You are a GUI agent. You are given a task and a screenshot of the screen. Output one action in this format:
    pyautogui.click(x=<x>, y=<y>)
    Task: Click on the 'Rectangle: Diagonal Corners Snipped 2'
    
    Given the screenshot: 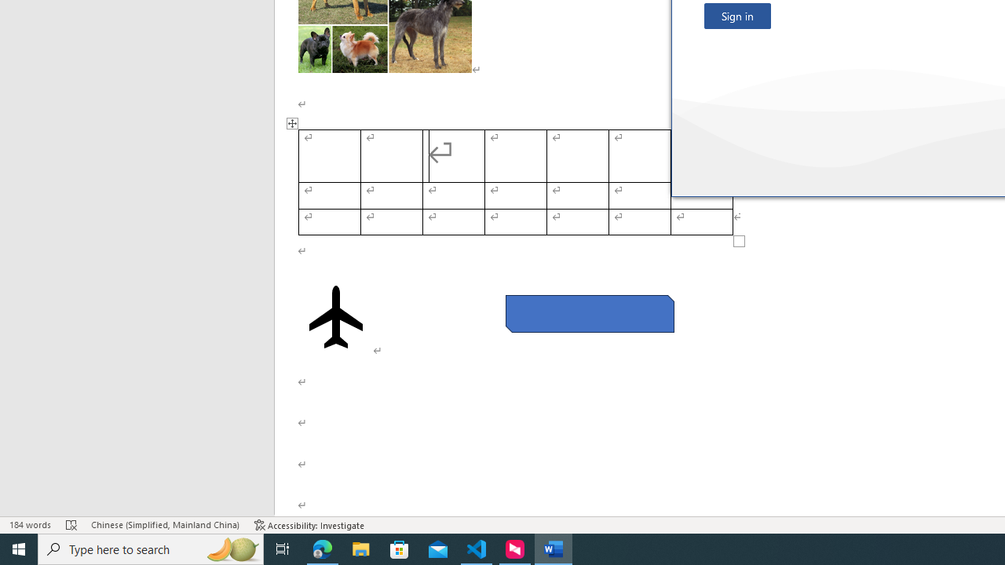 What is the action you would take?
    pyautogui.click(x=589, y=313)
    